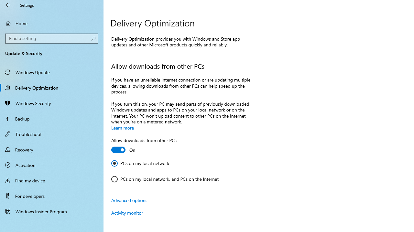 The width and height of the screenshot is (414, 232). What do you see at coordinates (52, 38) in the screenshot?
I see `'Search box, Find a setting'` at bounding box center [52, 38].